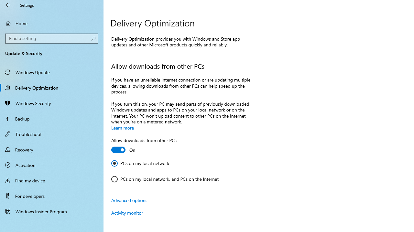 The width and height of the screenshot is (414, 232). What do you see at coordinates (52, 38) in the screenshot?
I see `'Search box, Find a setting'` at bounding box center [52, 38].